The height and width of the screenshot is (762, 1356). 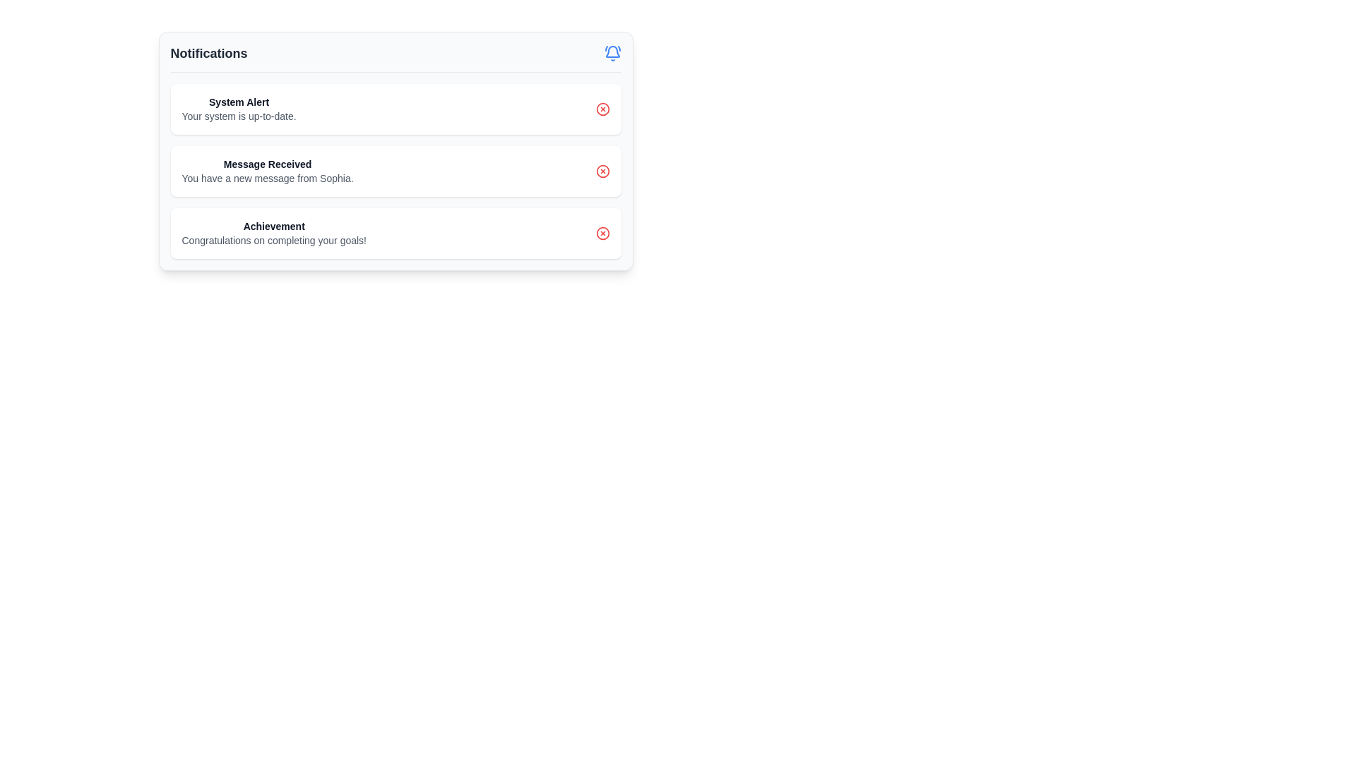 What do you see at coordinates (239, 102) in the screenshot?
I see `the 'System Alert' text label located at the top of the notification card` at bounding box center [239, 102].